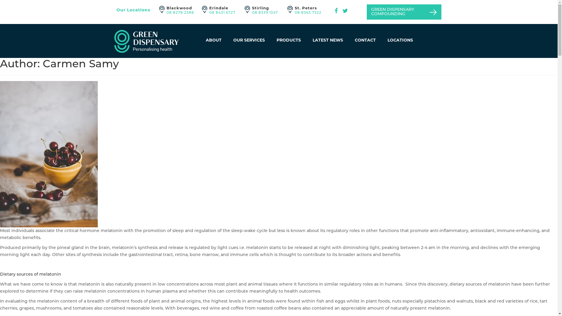 Image resolution: width=562 pixels, height=316 pixels. I want to click on 'CONTACT', so click(365, 40).